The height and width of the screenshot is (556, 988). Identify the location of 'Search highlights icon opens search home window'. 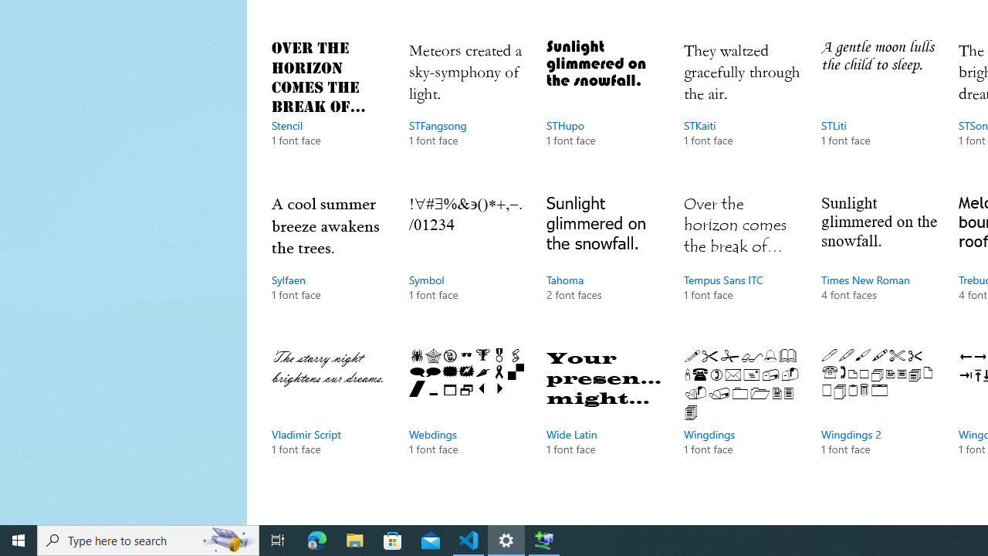
(227, 539).